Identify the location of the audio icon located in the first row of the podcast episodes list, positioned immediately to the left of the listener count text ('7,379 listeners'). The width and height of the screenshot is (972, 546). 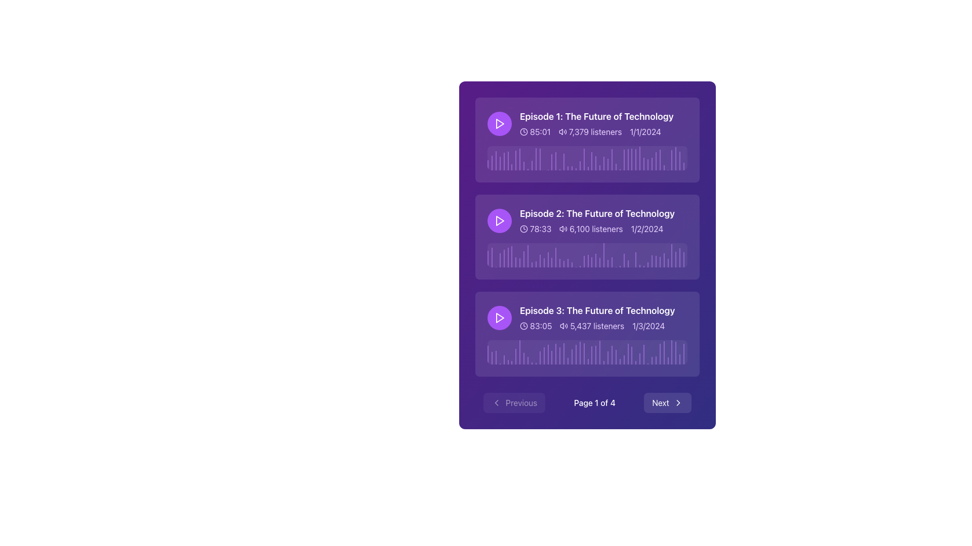
(562, 131).